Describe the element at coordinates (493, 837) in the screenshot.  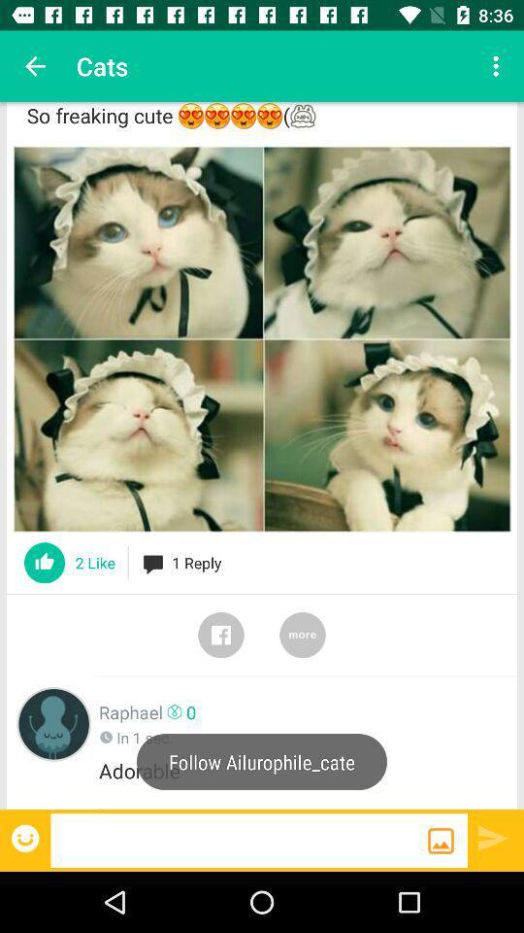
I see `the send icon` at that location.